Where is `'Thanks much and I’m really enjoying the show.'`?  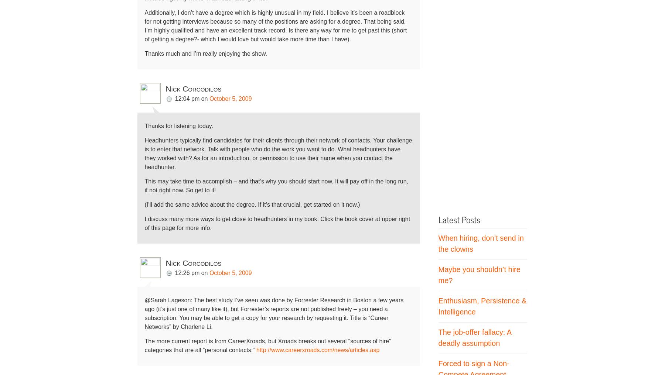 'Thanks much and I’m really enjoying the show.' is located at coordinates (144, 53).